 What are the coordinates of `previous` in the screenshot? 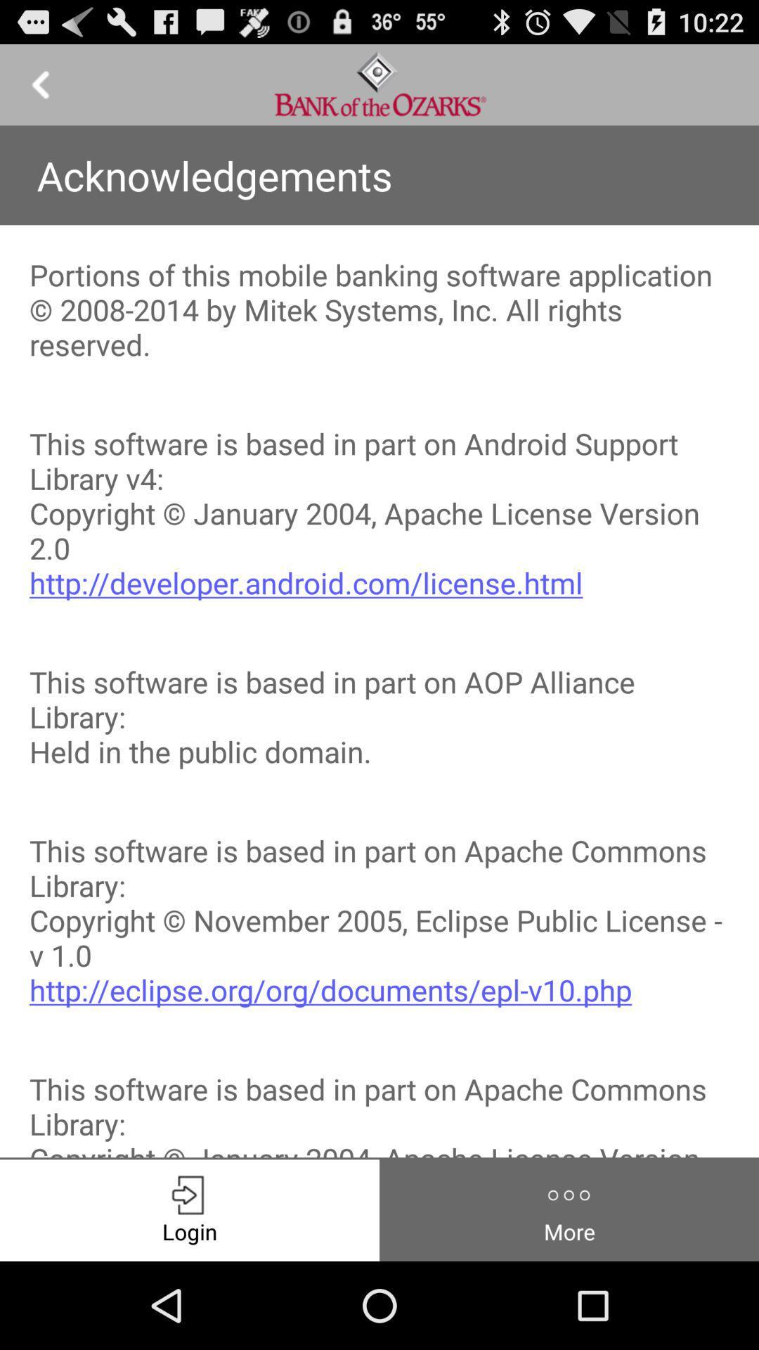 It's located at (39, 84).